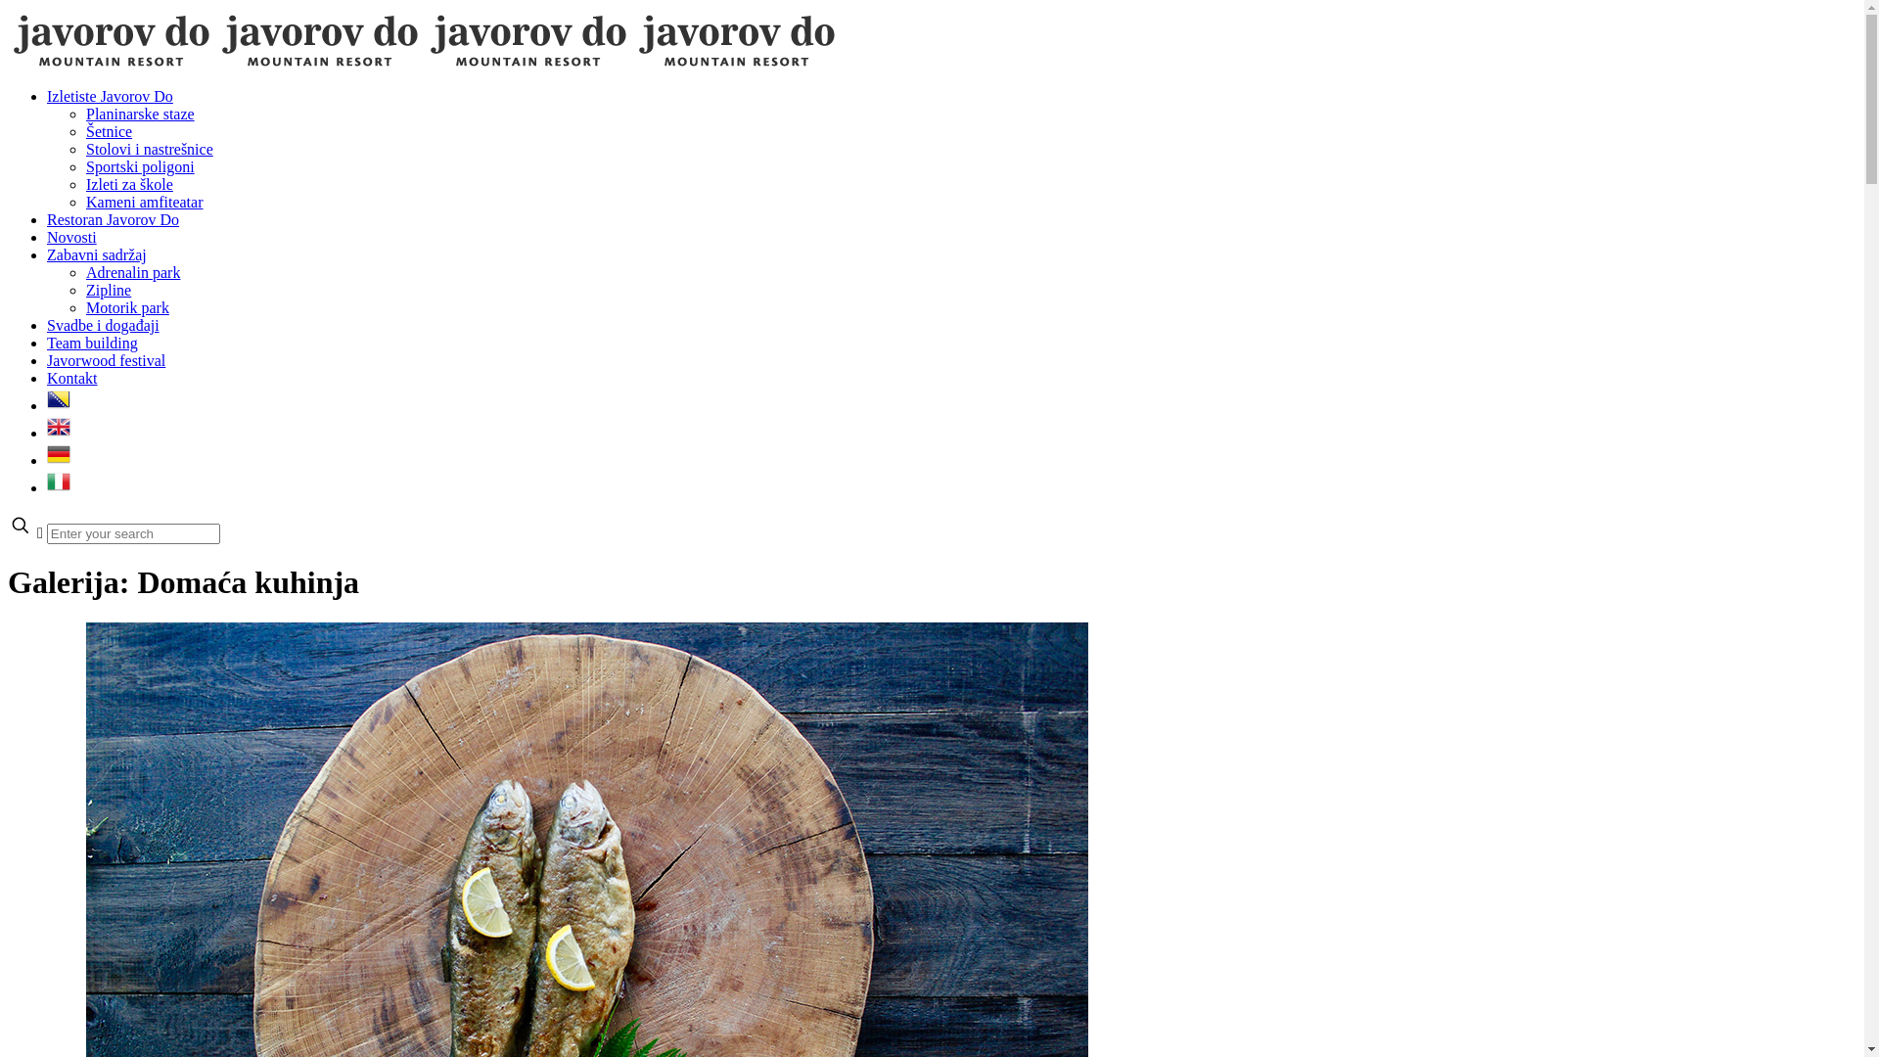  I want to click on 'German', so click(58, 460).